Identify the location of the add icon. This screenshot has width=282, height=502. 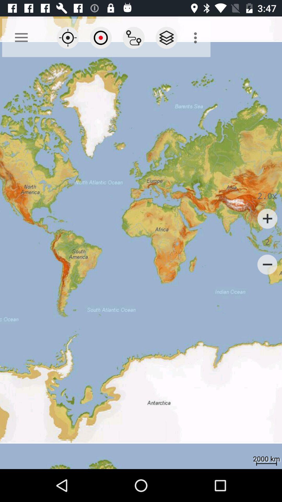
(267, 219).